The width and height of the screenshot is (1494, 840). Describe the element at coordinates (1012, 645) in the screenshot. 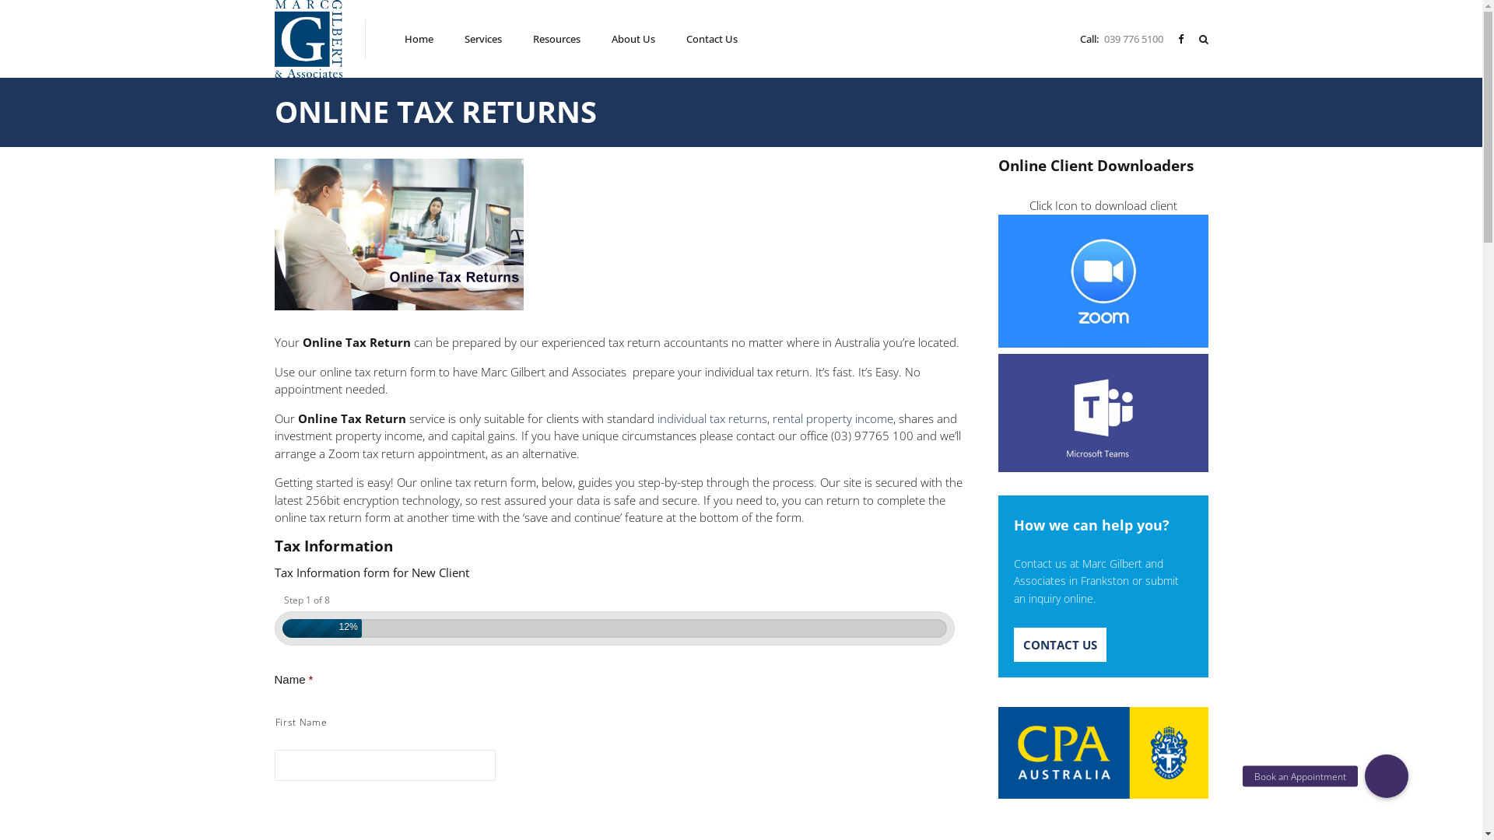

I see `'CONTACT US'` at that location.